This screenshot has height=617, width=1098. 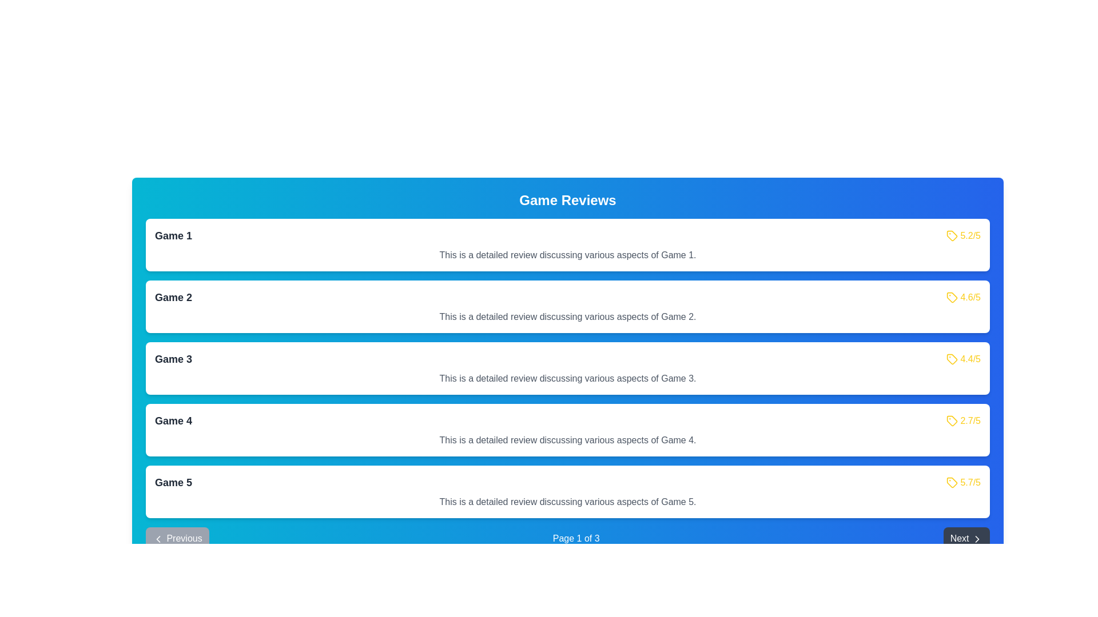 What do you see at coordinates (952, 235) in the screenshot?
I see `the decorative icon located to the right of the review score text in the upper section of the Game 2 review card` at bounding box center [952, 235].